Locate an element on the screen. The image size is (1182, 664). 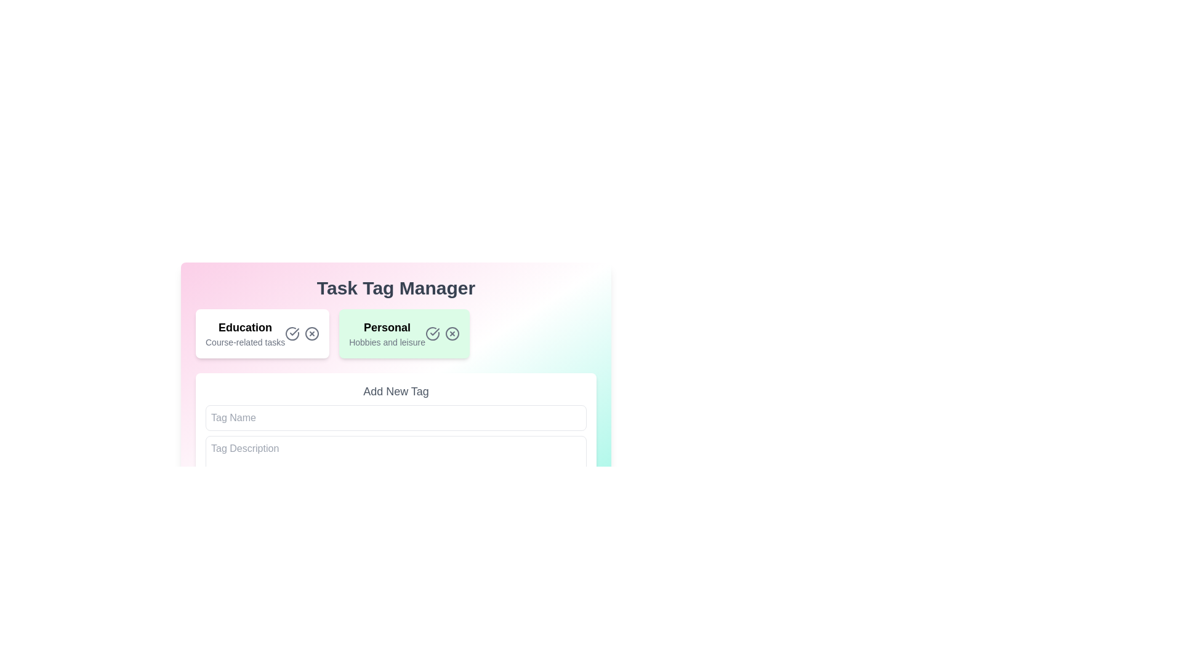
the text label displaying 'Course-related tasks' which is located below the 'Education' header is located at coordinates (245, 342).